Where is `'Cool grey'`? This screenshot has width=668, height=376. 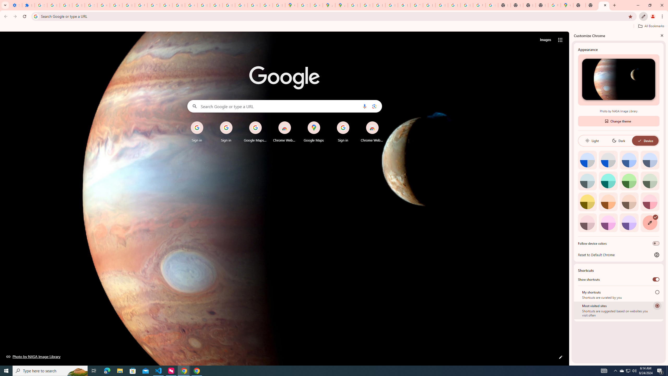 'Cool grey' is located at coordinates (650, 160).